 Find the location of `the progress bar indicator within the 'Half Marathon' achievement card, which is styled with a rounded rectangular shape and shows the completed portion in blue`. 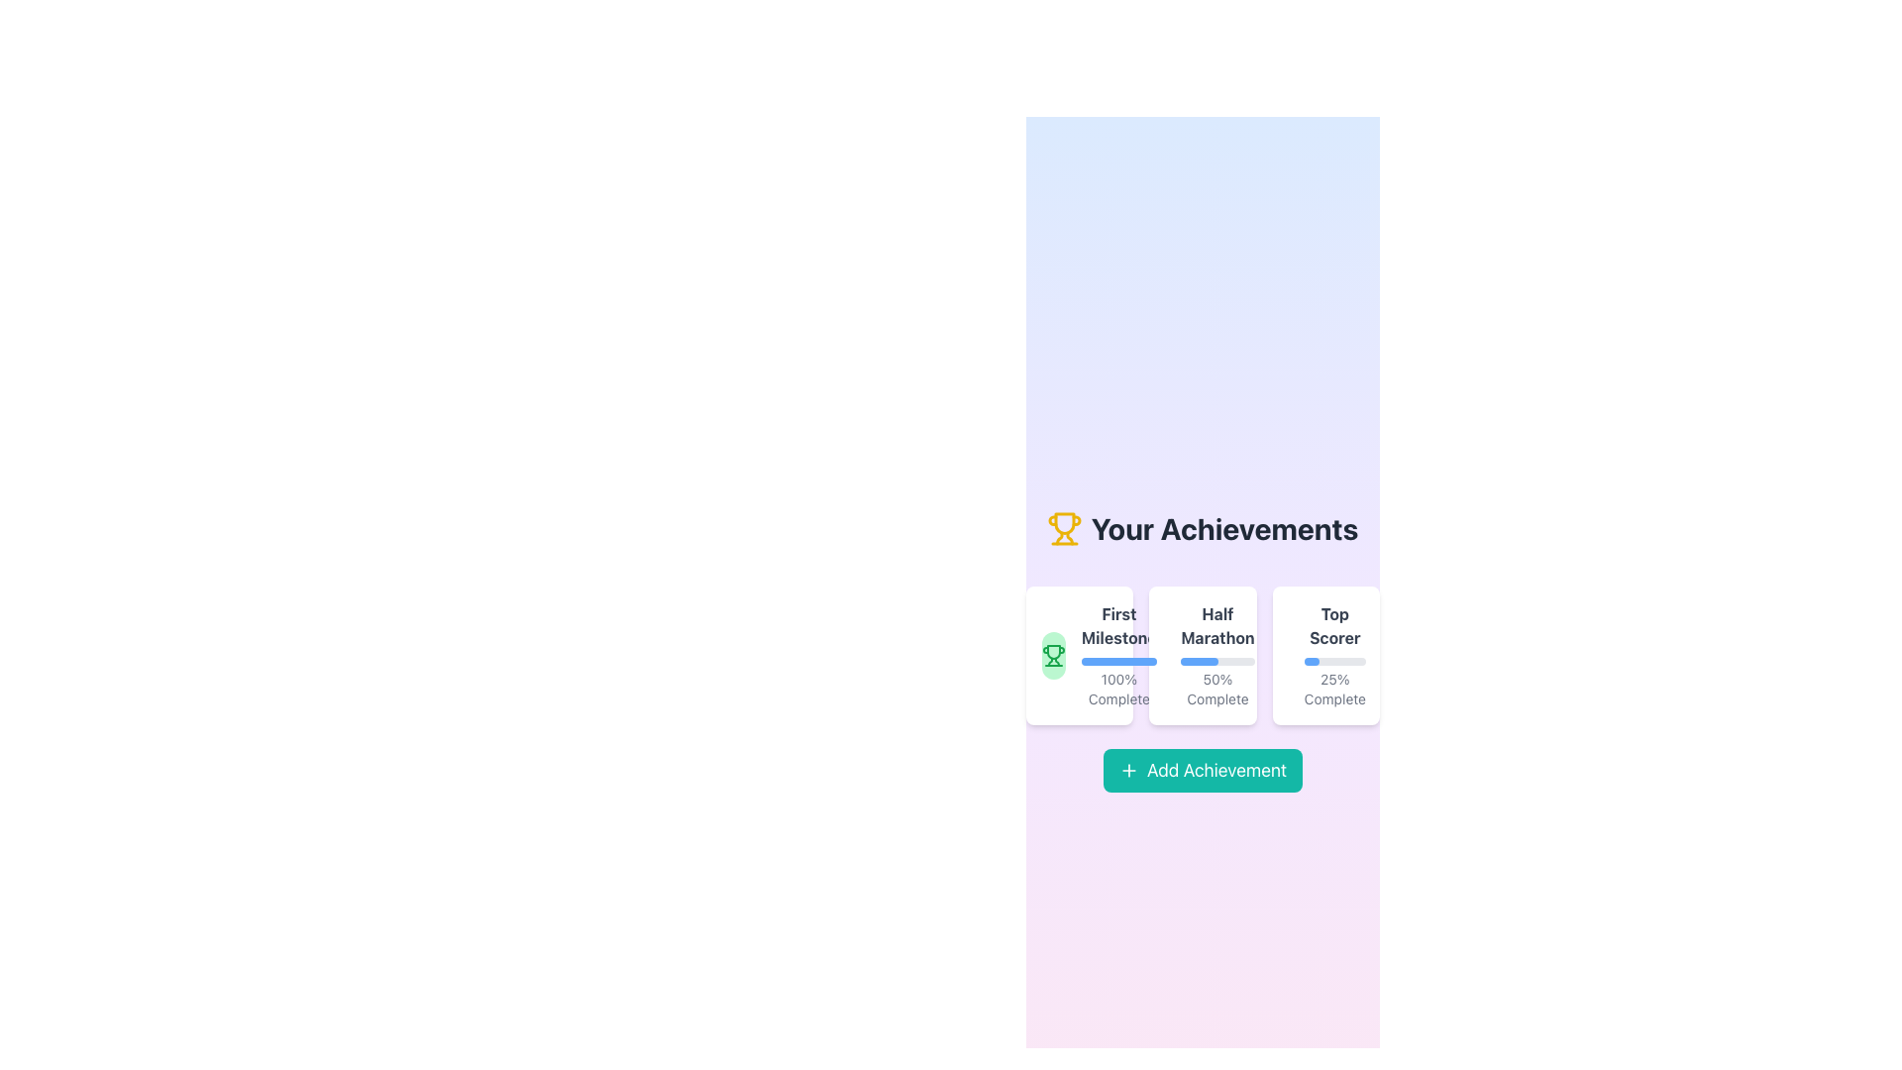

the progress bar indicator within the 'Half Marathon' achievement card, which is styled with a rounded rectangular shape and shows the completed portion in blue is located at coordinates (1216, 661).